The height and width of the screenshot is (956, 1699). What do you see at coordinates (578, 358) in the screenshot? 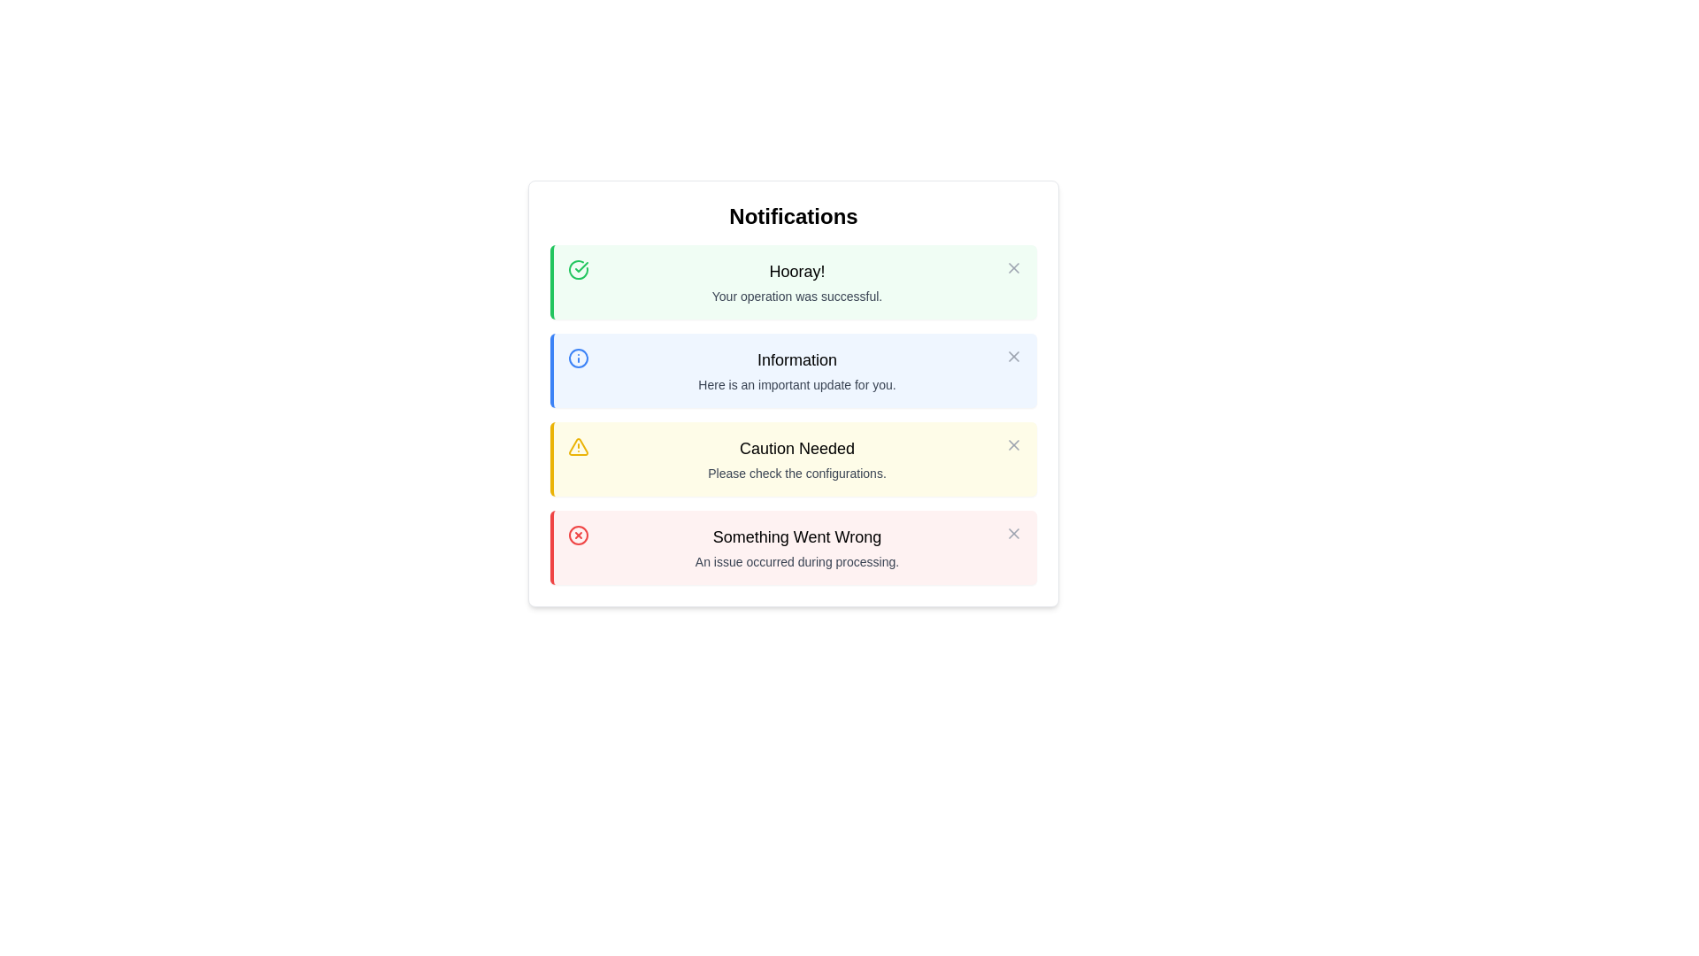
I see `the outer circle of the information notification icon, which is located in the second row of the notification list to the left of the text 'Information'` at bounding box center [578, 358].